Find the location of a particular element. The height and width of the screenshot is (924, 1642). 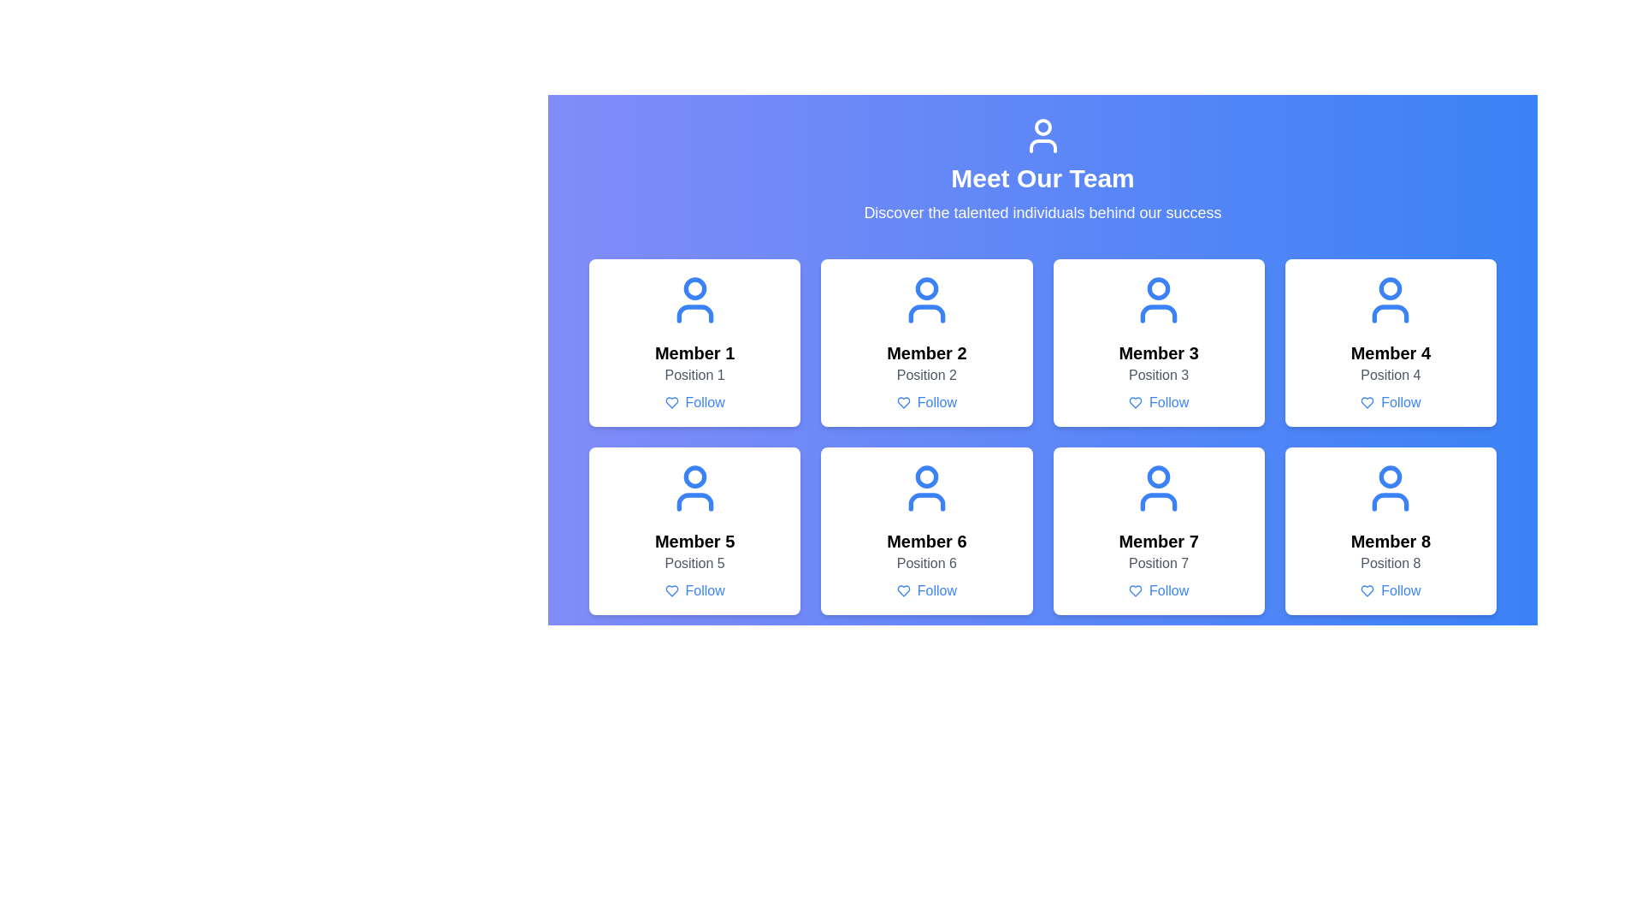

bold text label 'Member 6' located in the sixth card of the layout grid, positioned centrally above 'Position 6' and below the user profile icon is located at coordinates (925, 541).